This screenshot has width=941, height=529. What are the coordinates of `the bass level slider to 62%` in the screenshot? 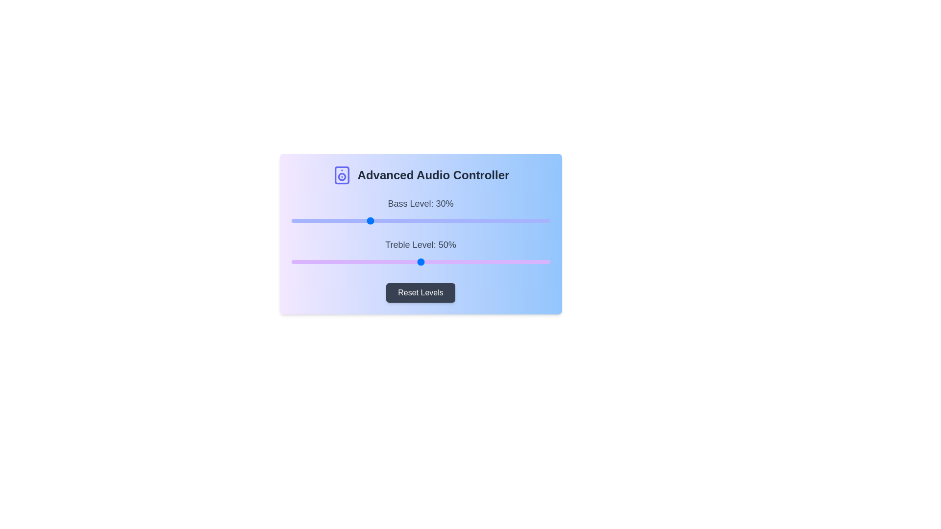 It's located at (451, 221).